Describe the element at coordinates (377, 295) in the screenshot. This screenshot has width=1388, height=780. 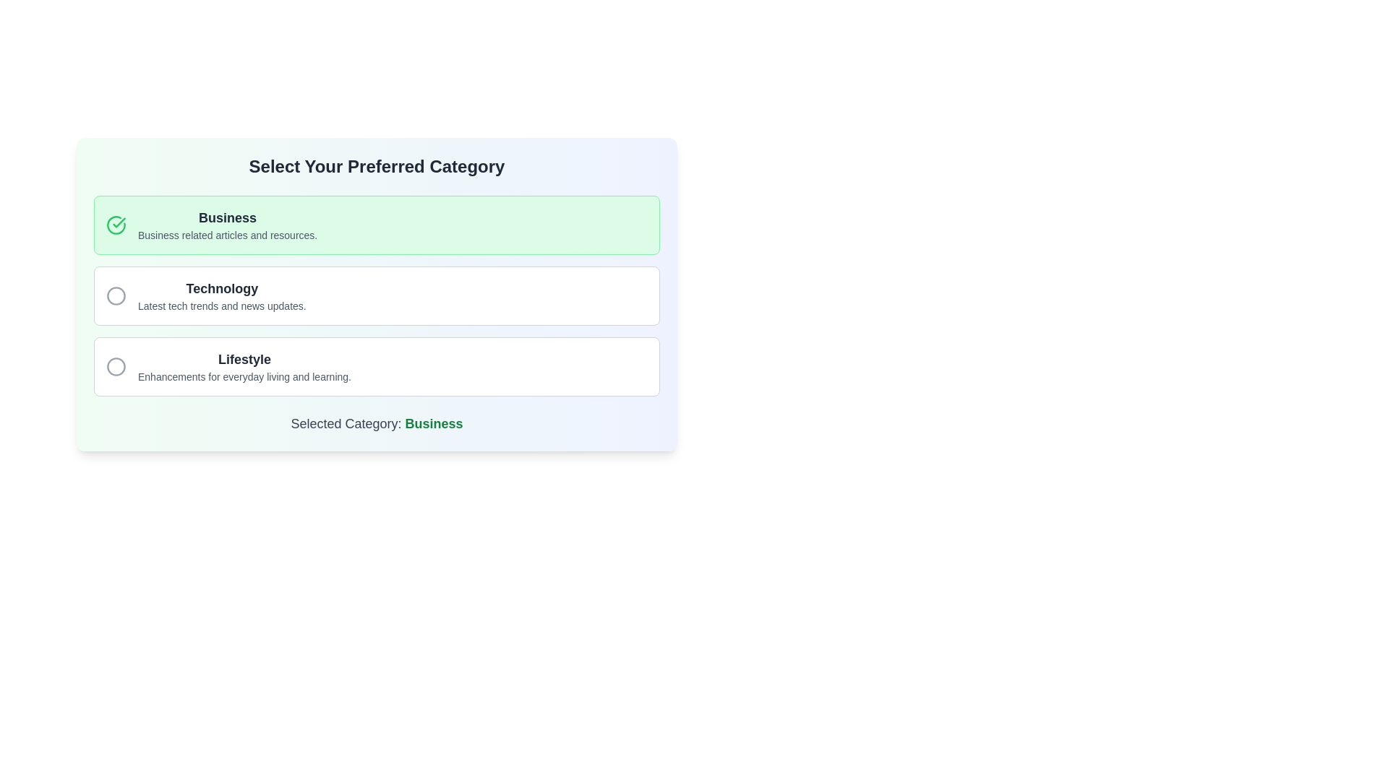
I see `the List of selectable options` at that location.